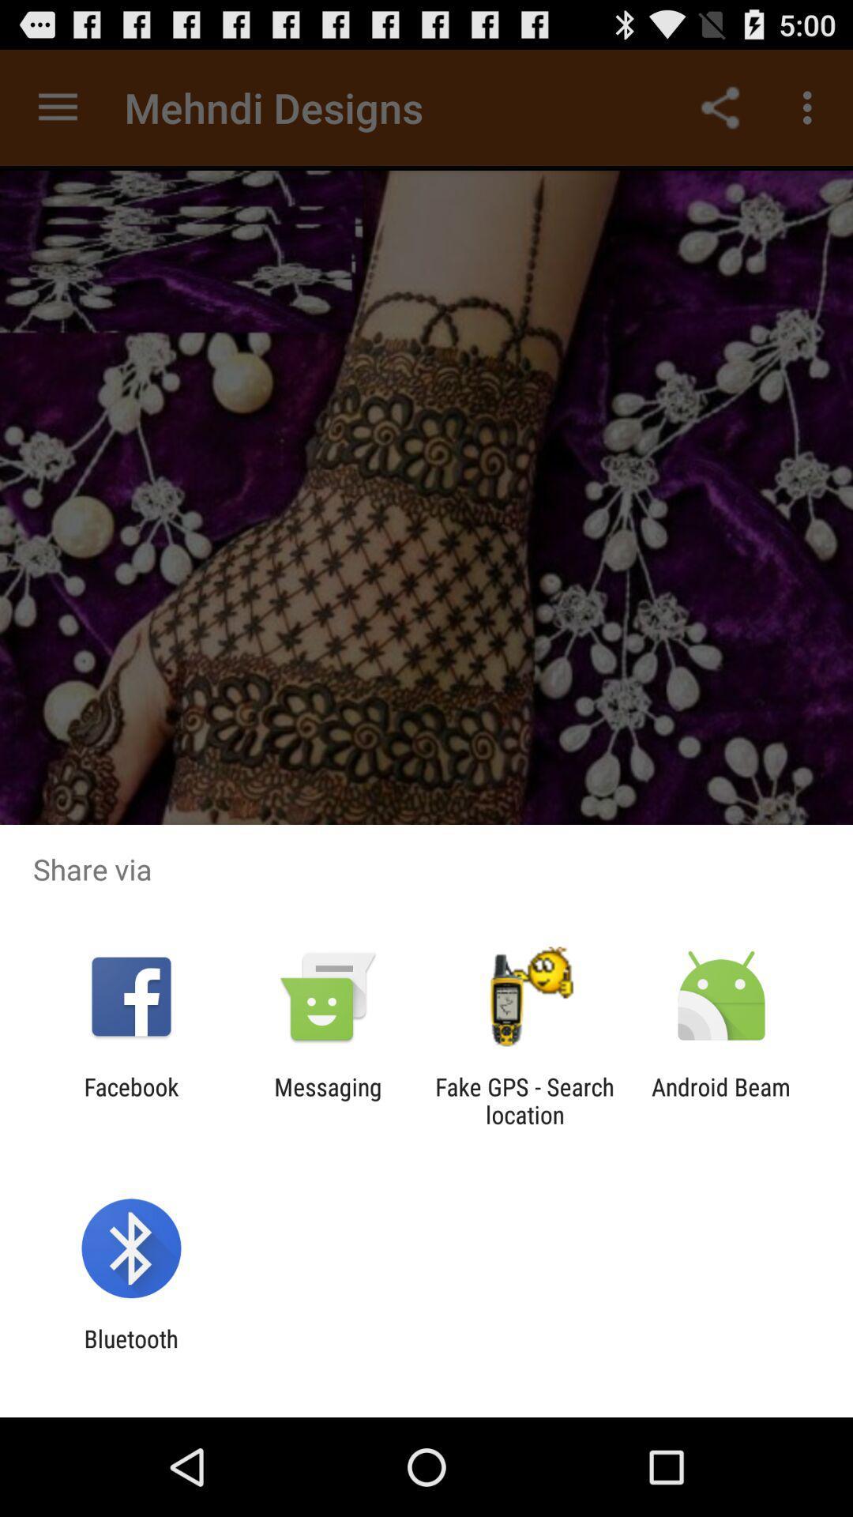 The image size is (853, 1517). I want to click on the icon to the left of android beam app, so click(524, 1100).